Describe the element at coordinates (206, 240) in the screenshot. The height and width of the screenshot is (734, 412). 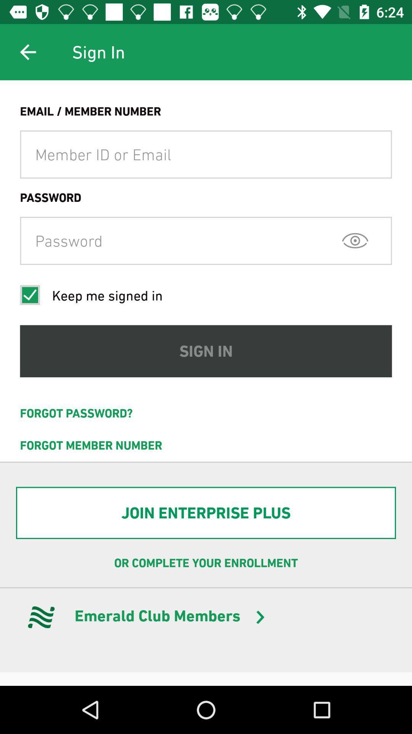
I see `insert password` at that location.